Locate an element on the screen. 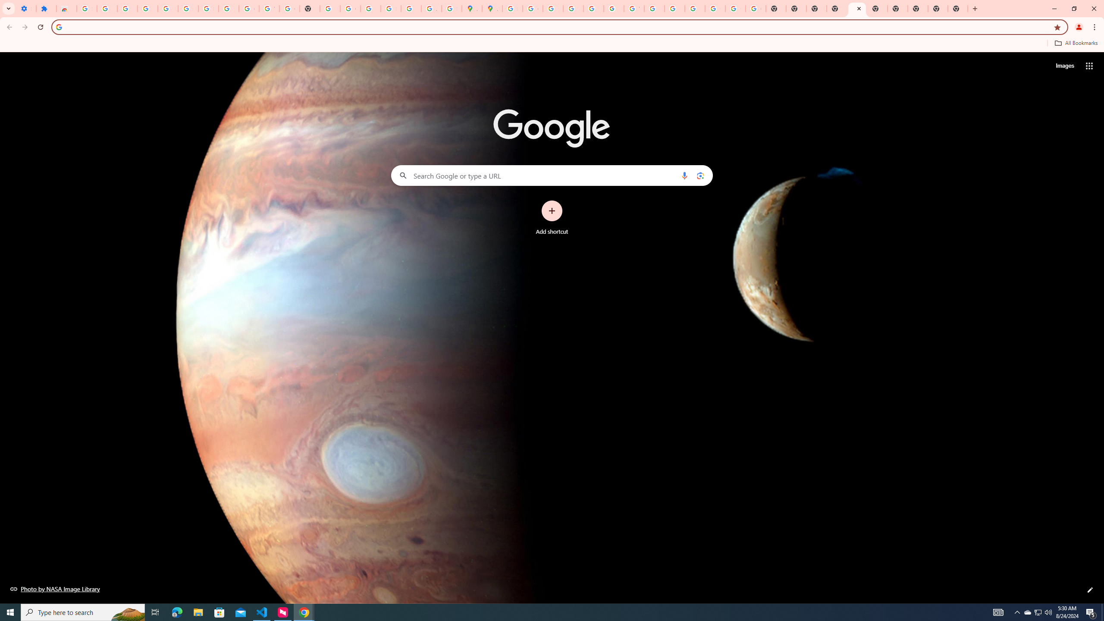 The width and height of the screenshot is (1104, 621). 'Learn how to find your photos - Google Photos Help' is located at coordinates (167, 8).